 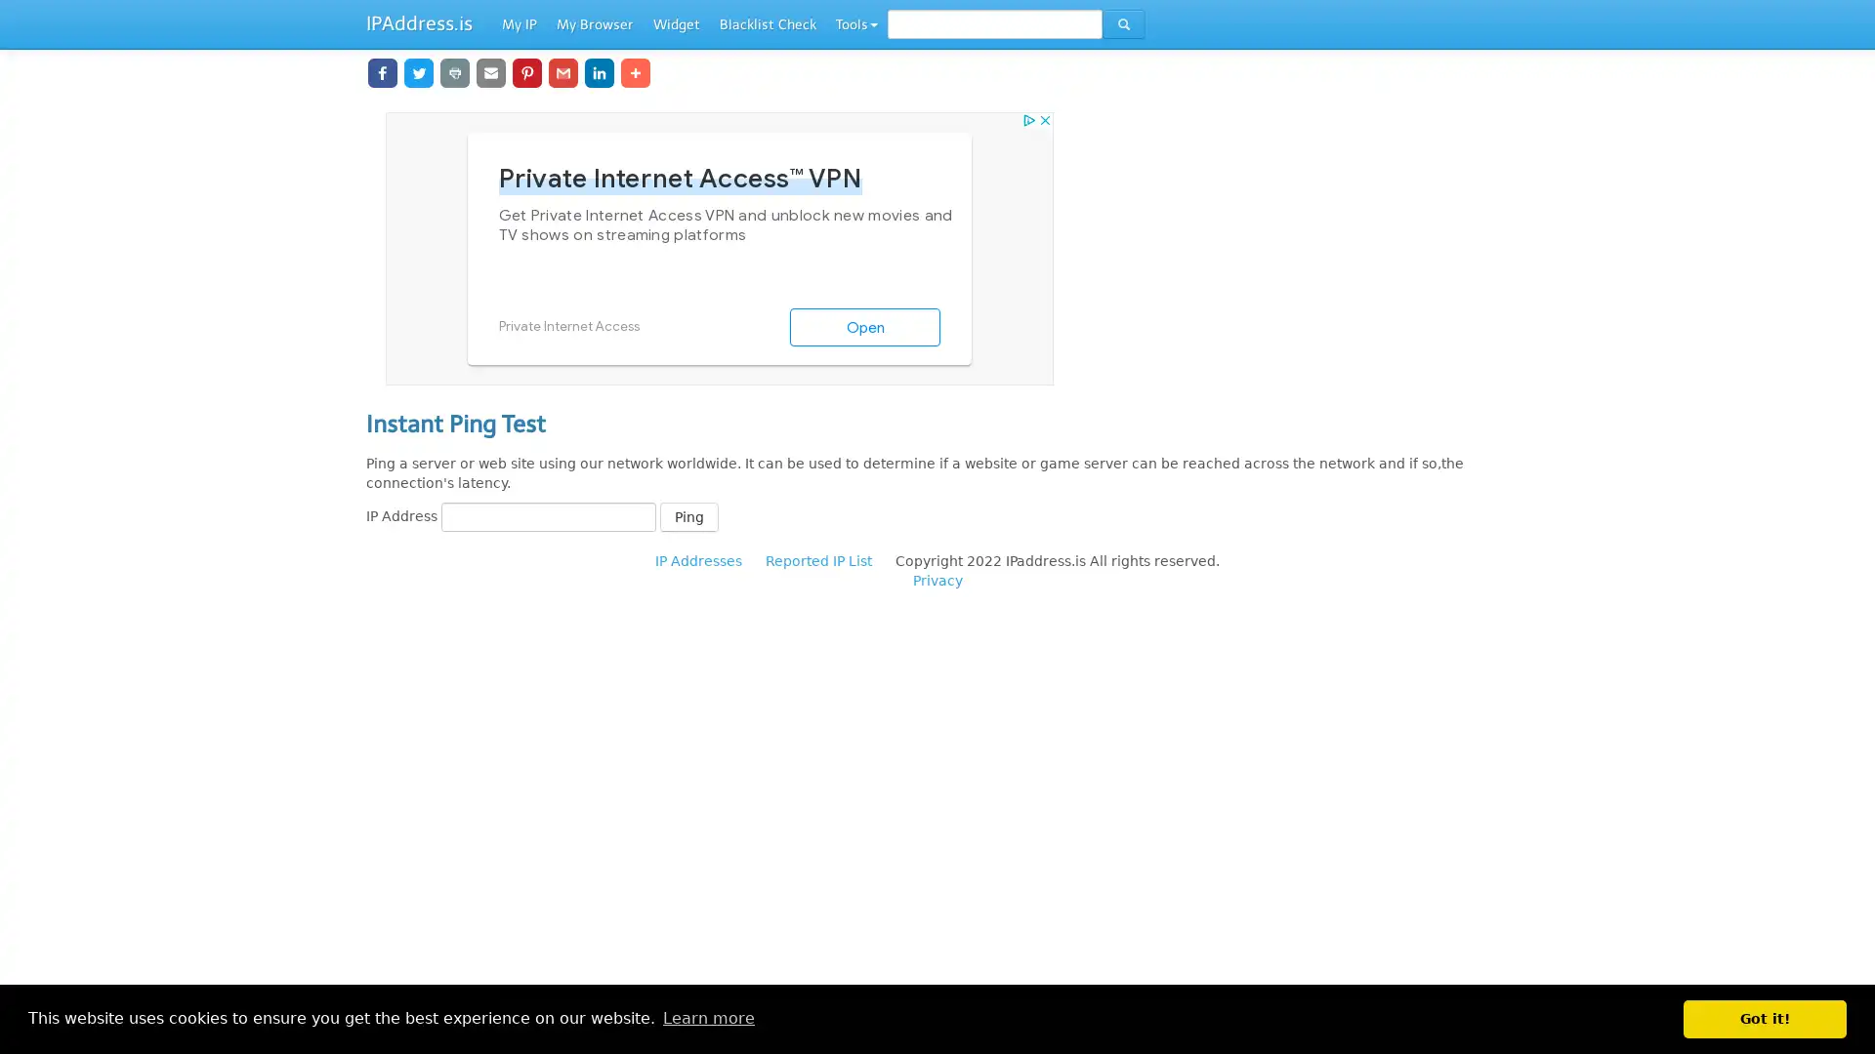 What do you see at coordinates (580, 71) in the screenshot?
I see `Share to LinkedIn` at bounding box center [580, 71].